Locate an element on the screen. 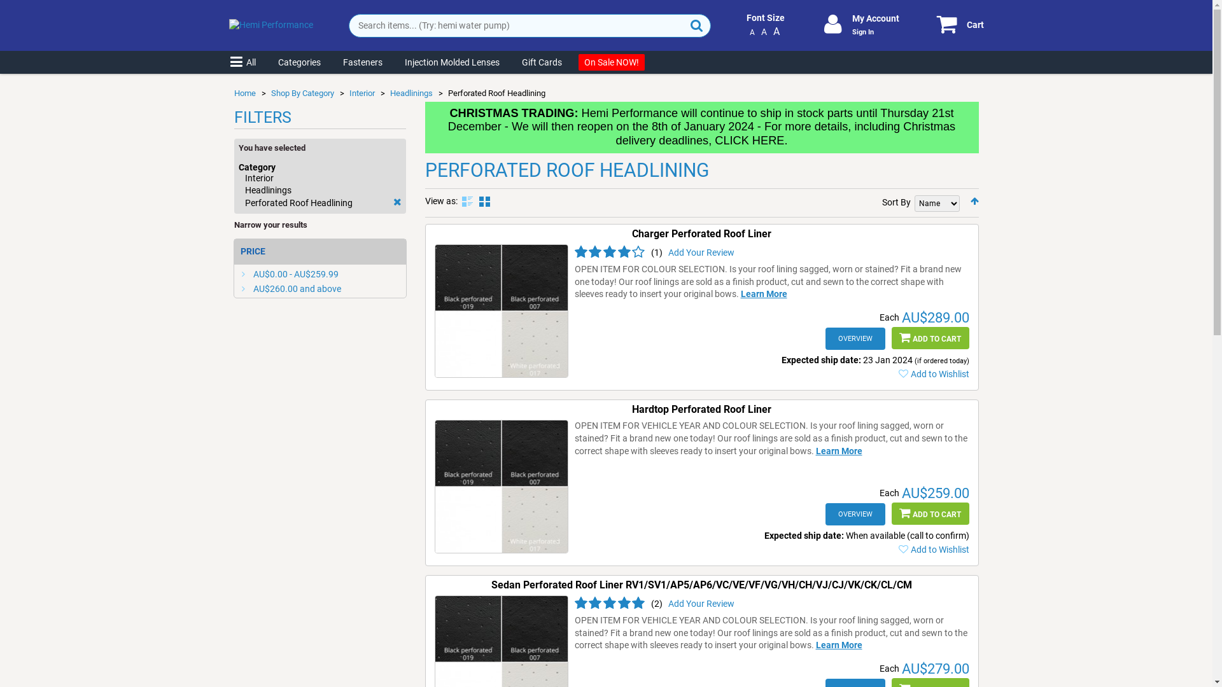 The image size is (1222, 687). 'Categories' is located at coordinates (298, 62).